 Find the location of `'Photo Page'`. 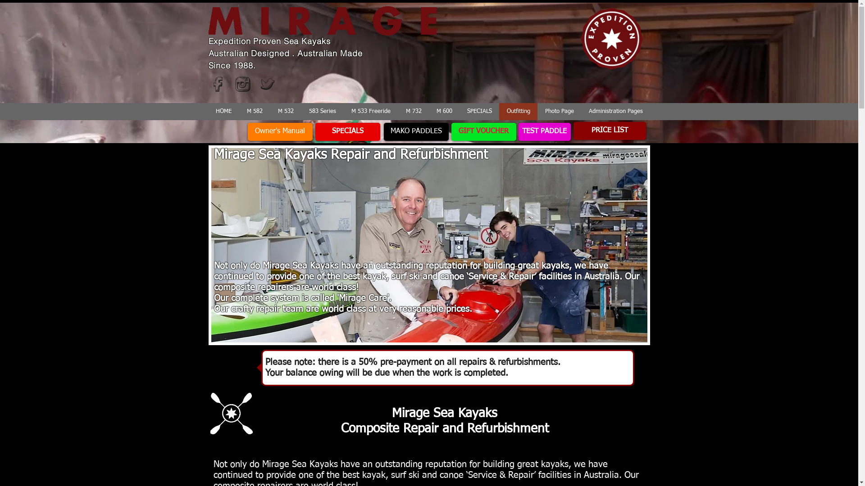

'Photo Page' is located at coordinates (558, 111).